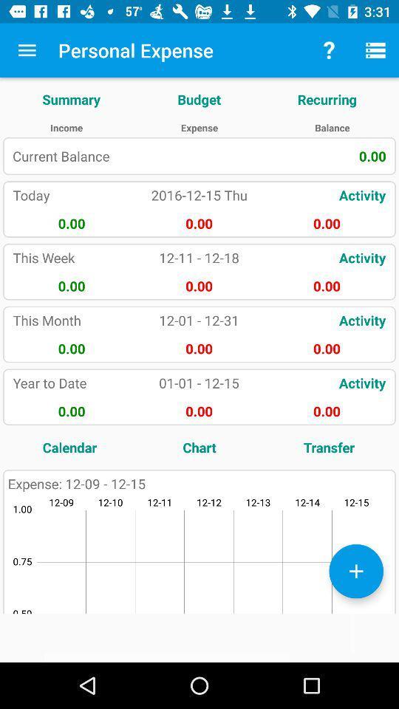 This screenshot has width=399, height=709. Describe the element at coordinates (329, 50) in the screenshot. I see `item next to personal expense icon` at that location.